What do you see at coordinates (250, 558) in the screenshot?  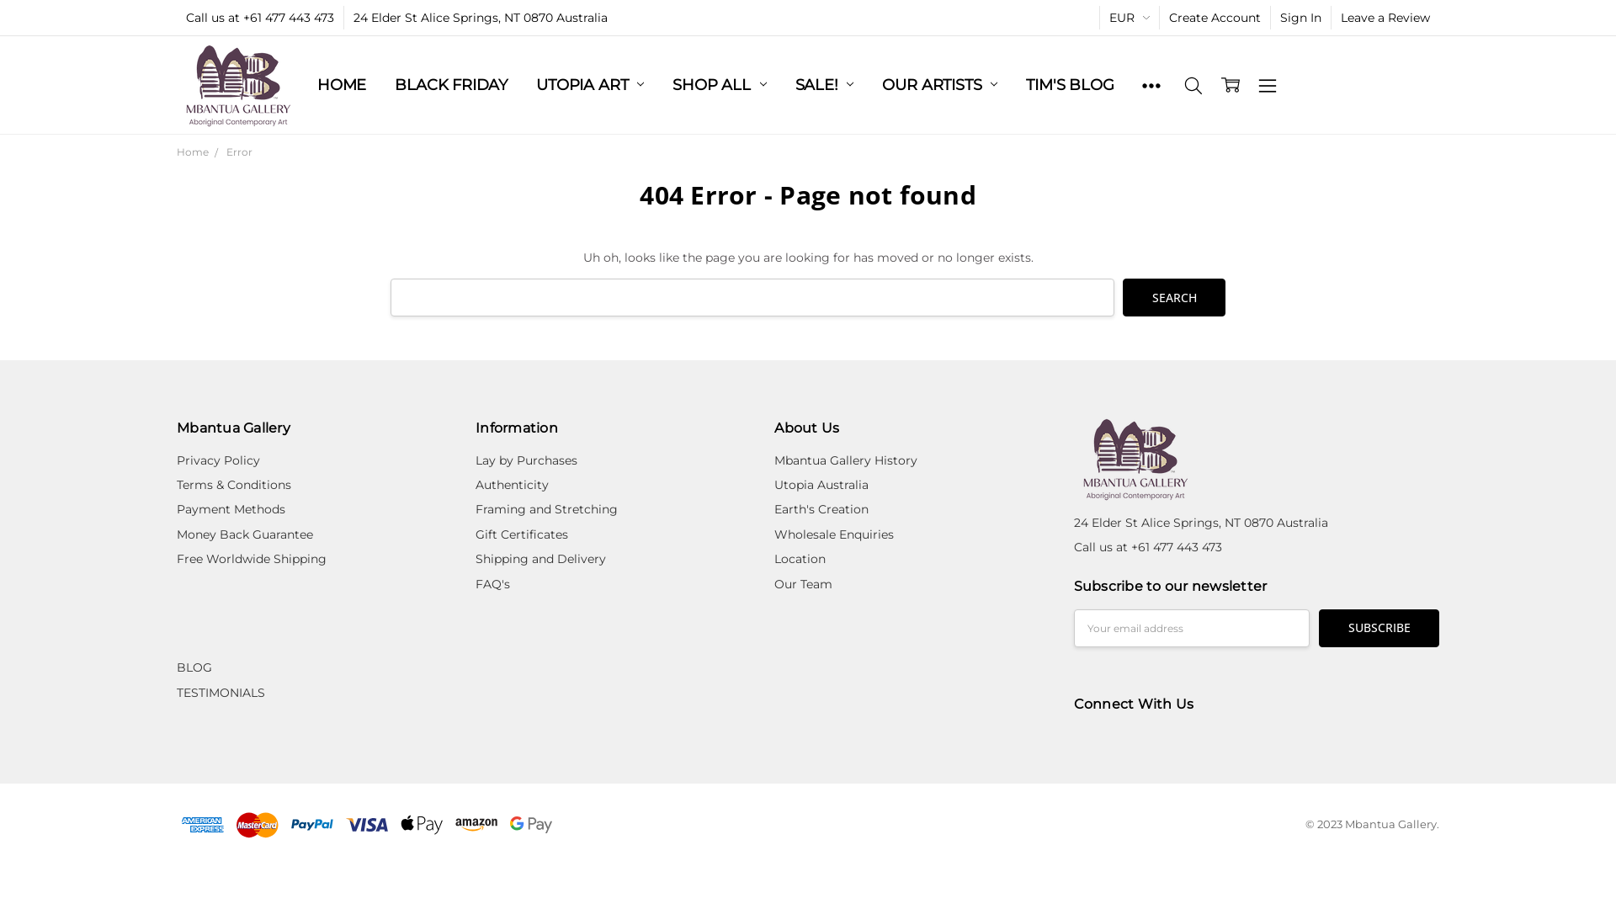 I see `'Free Worldwide Shipping'` at bounding box center [250, 558].